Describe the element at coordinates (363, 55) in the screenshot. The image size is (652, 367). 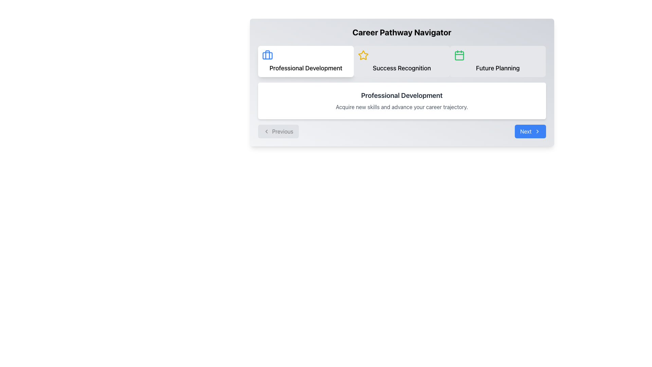
I see `the star-shaped yellow icon in the horizontal navigation bar, located between the 'Professional Development' and 'Future Planning' sections` at that location.